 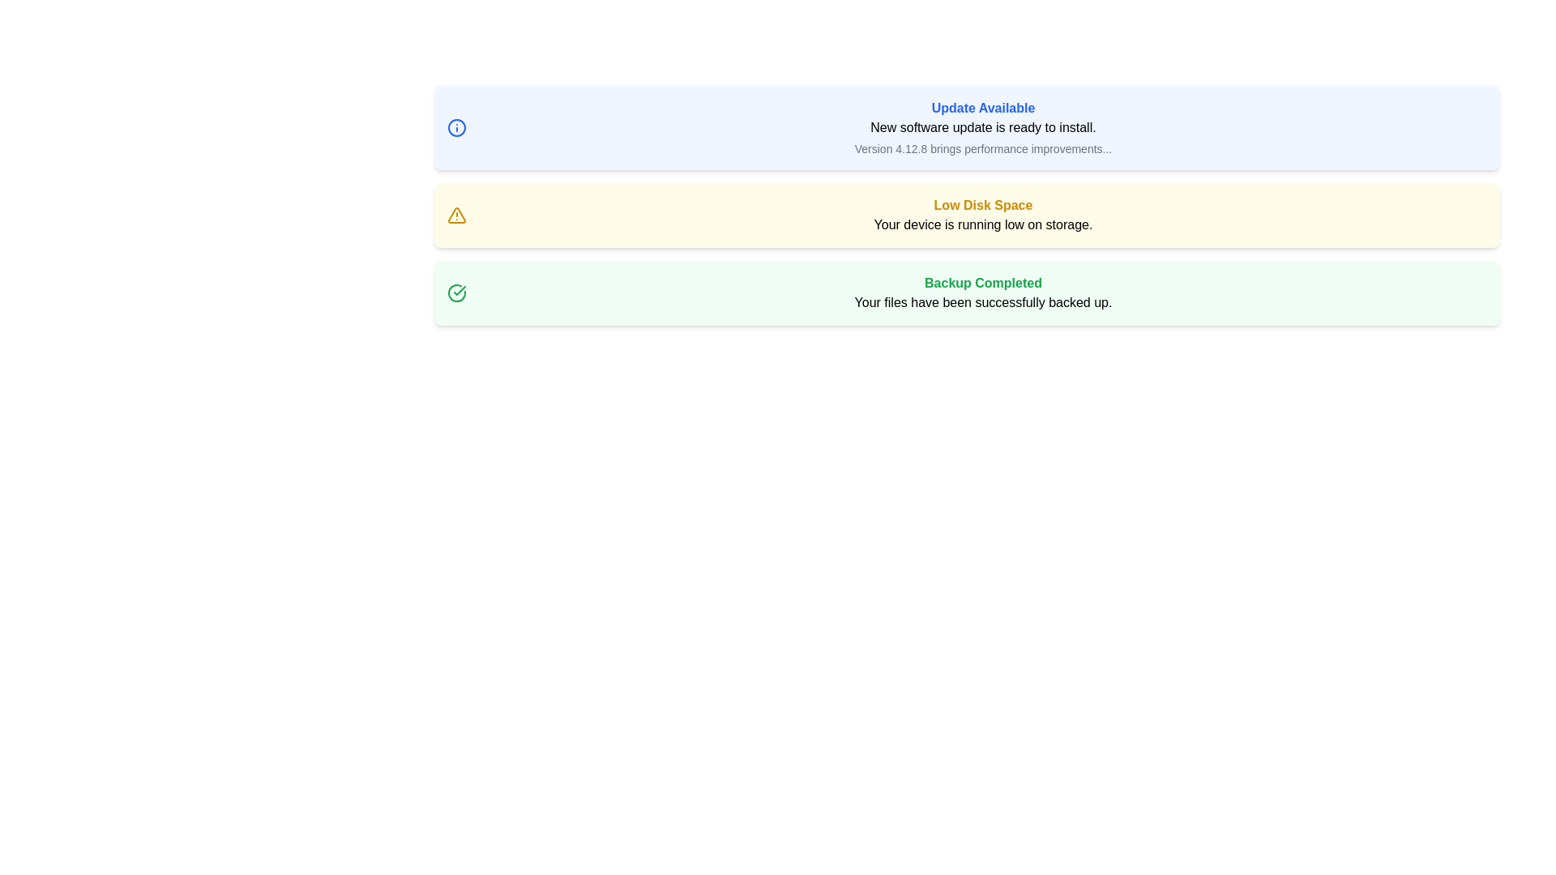 What do you see at coordinates (456, 293) in the screenshot?
I see `the icon with a green outline and checkmark indicating successful action, located at the left side of the 'Backup Completed' alert box` at bounding box center [456, 293].